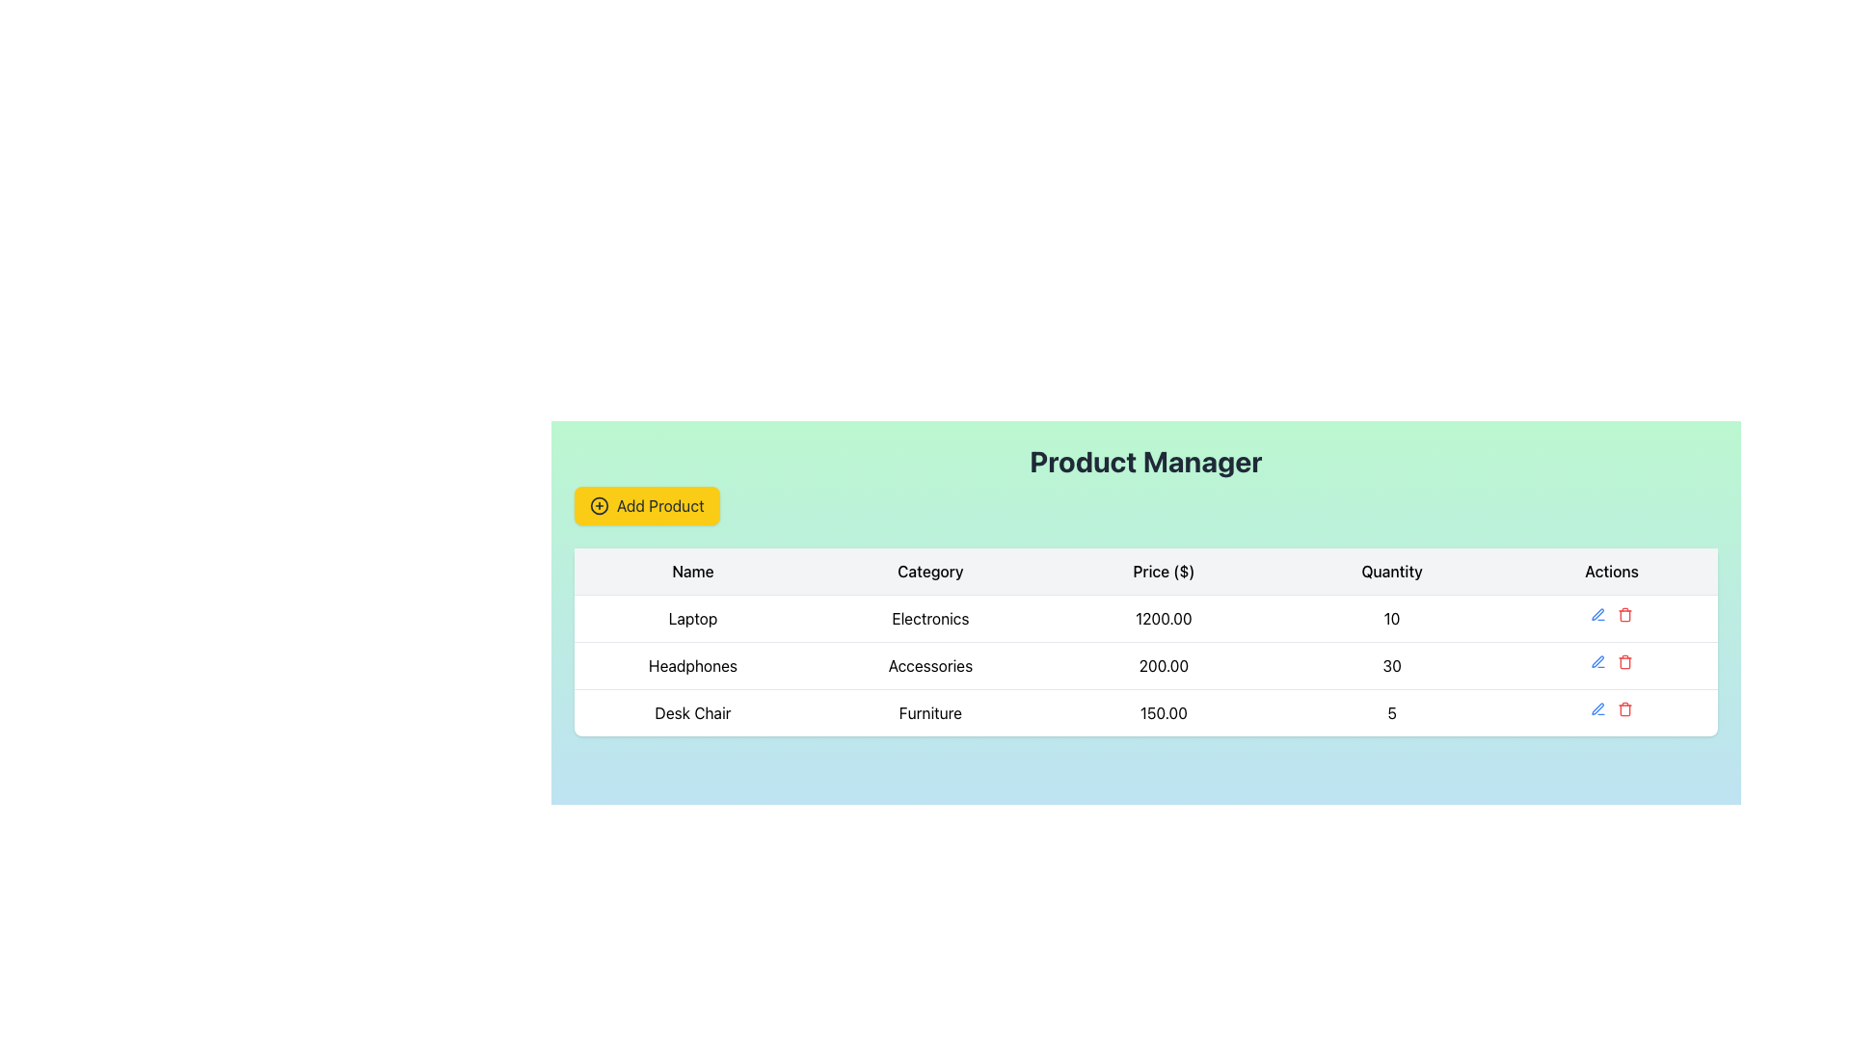 The height and width of the screenshot is (1041, 1851). I want to click on the interactive button in the 'Actions' column of the second row labeled 'Headphones' to observe its state change, so click(1598, 660).